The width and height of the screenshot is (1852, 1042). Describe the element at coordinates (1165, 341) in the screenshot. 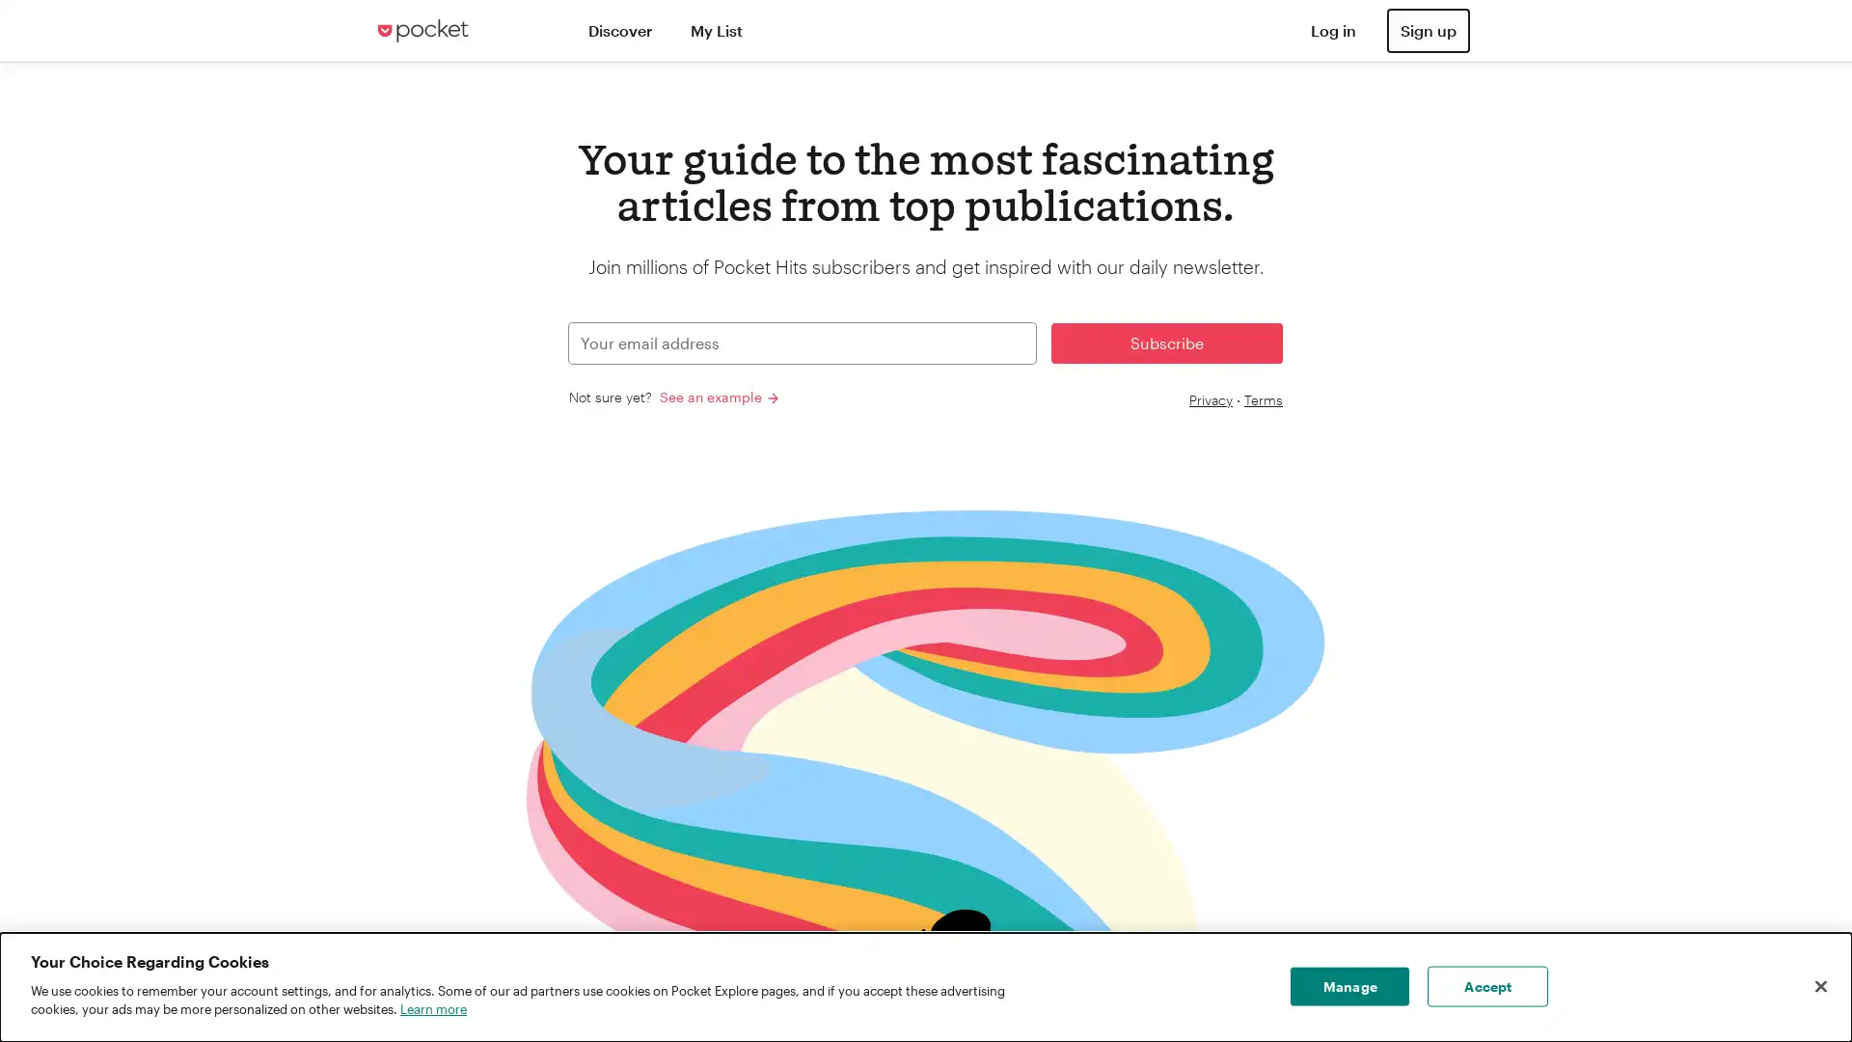

I see `Subscribe` at that location.